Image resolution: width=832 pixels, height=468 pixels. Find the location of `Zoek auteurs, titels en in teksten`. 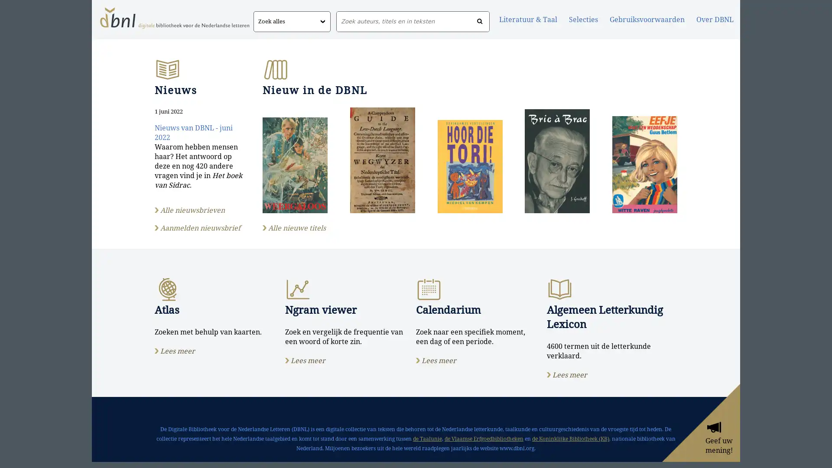

Zoek auteurs, titels en in teksten is located at coordinates (479, 21).